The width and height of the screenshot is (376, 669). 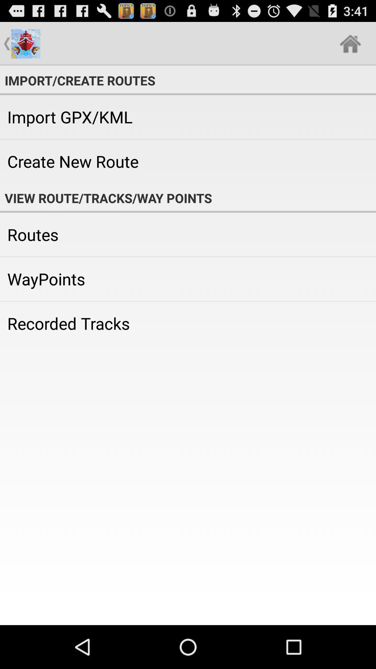 I want to click on create new route, so click(x=188, y=161).